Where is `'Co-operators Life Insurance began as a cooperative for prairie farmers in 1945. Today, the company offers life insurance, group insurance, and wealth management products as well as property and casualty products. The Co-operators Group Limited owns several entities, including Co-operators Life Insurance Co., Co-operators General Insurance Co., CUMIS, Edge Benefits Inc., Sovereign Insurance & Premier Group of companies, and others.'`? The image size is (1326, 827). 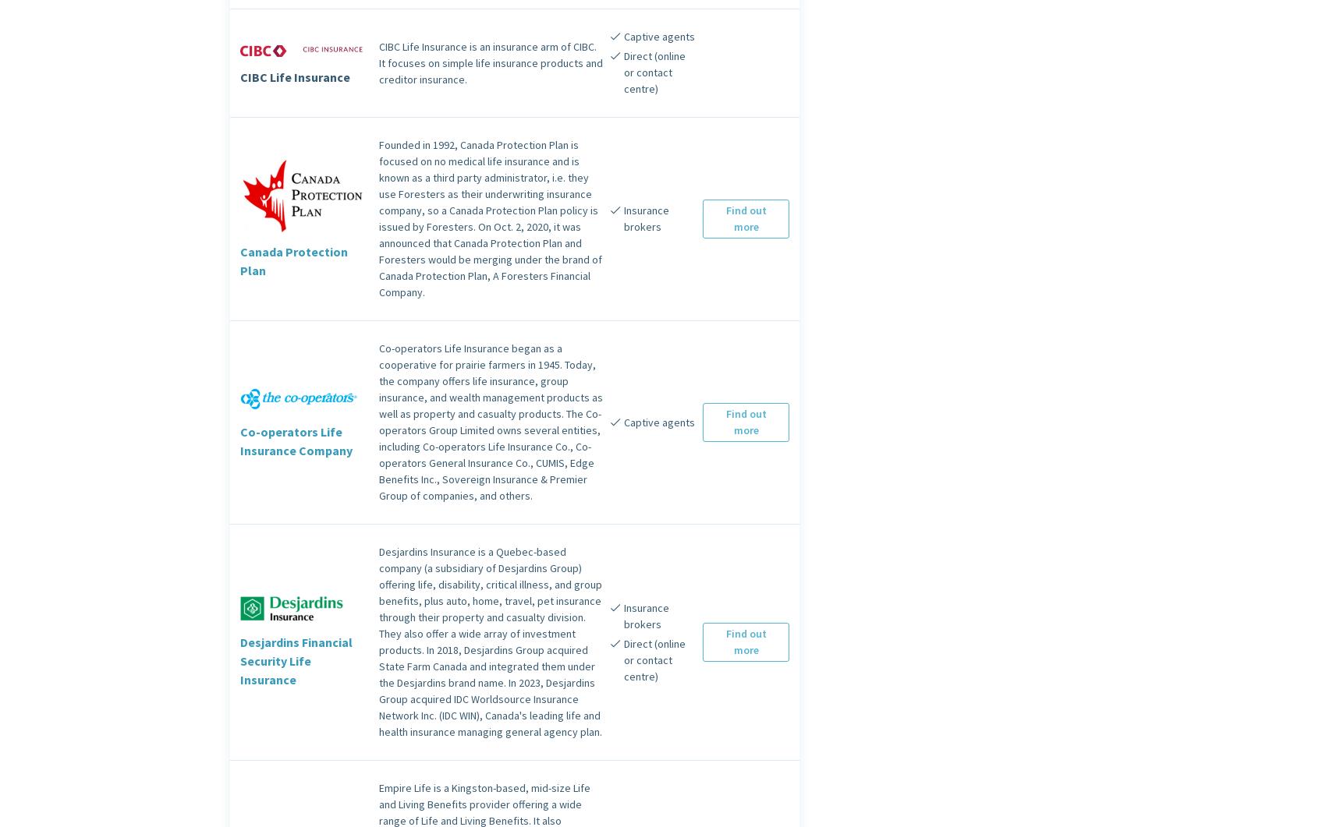
'Co-operators Life Insurance began as a cooperative for prairie farmers in 1945. Today, the company offers life insurance, group insurance, and wealth management products as well as property and casualty products. The Co-operators Group Limited owns several entities, including Co-operators Life Insurance Co., Co-operators General Insurance Co., CUMIS, Edge Benefits Inc., Sovereign Insurance & Premier Group of companies, and others.' is located at coordinates (490, 421).